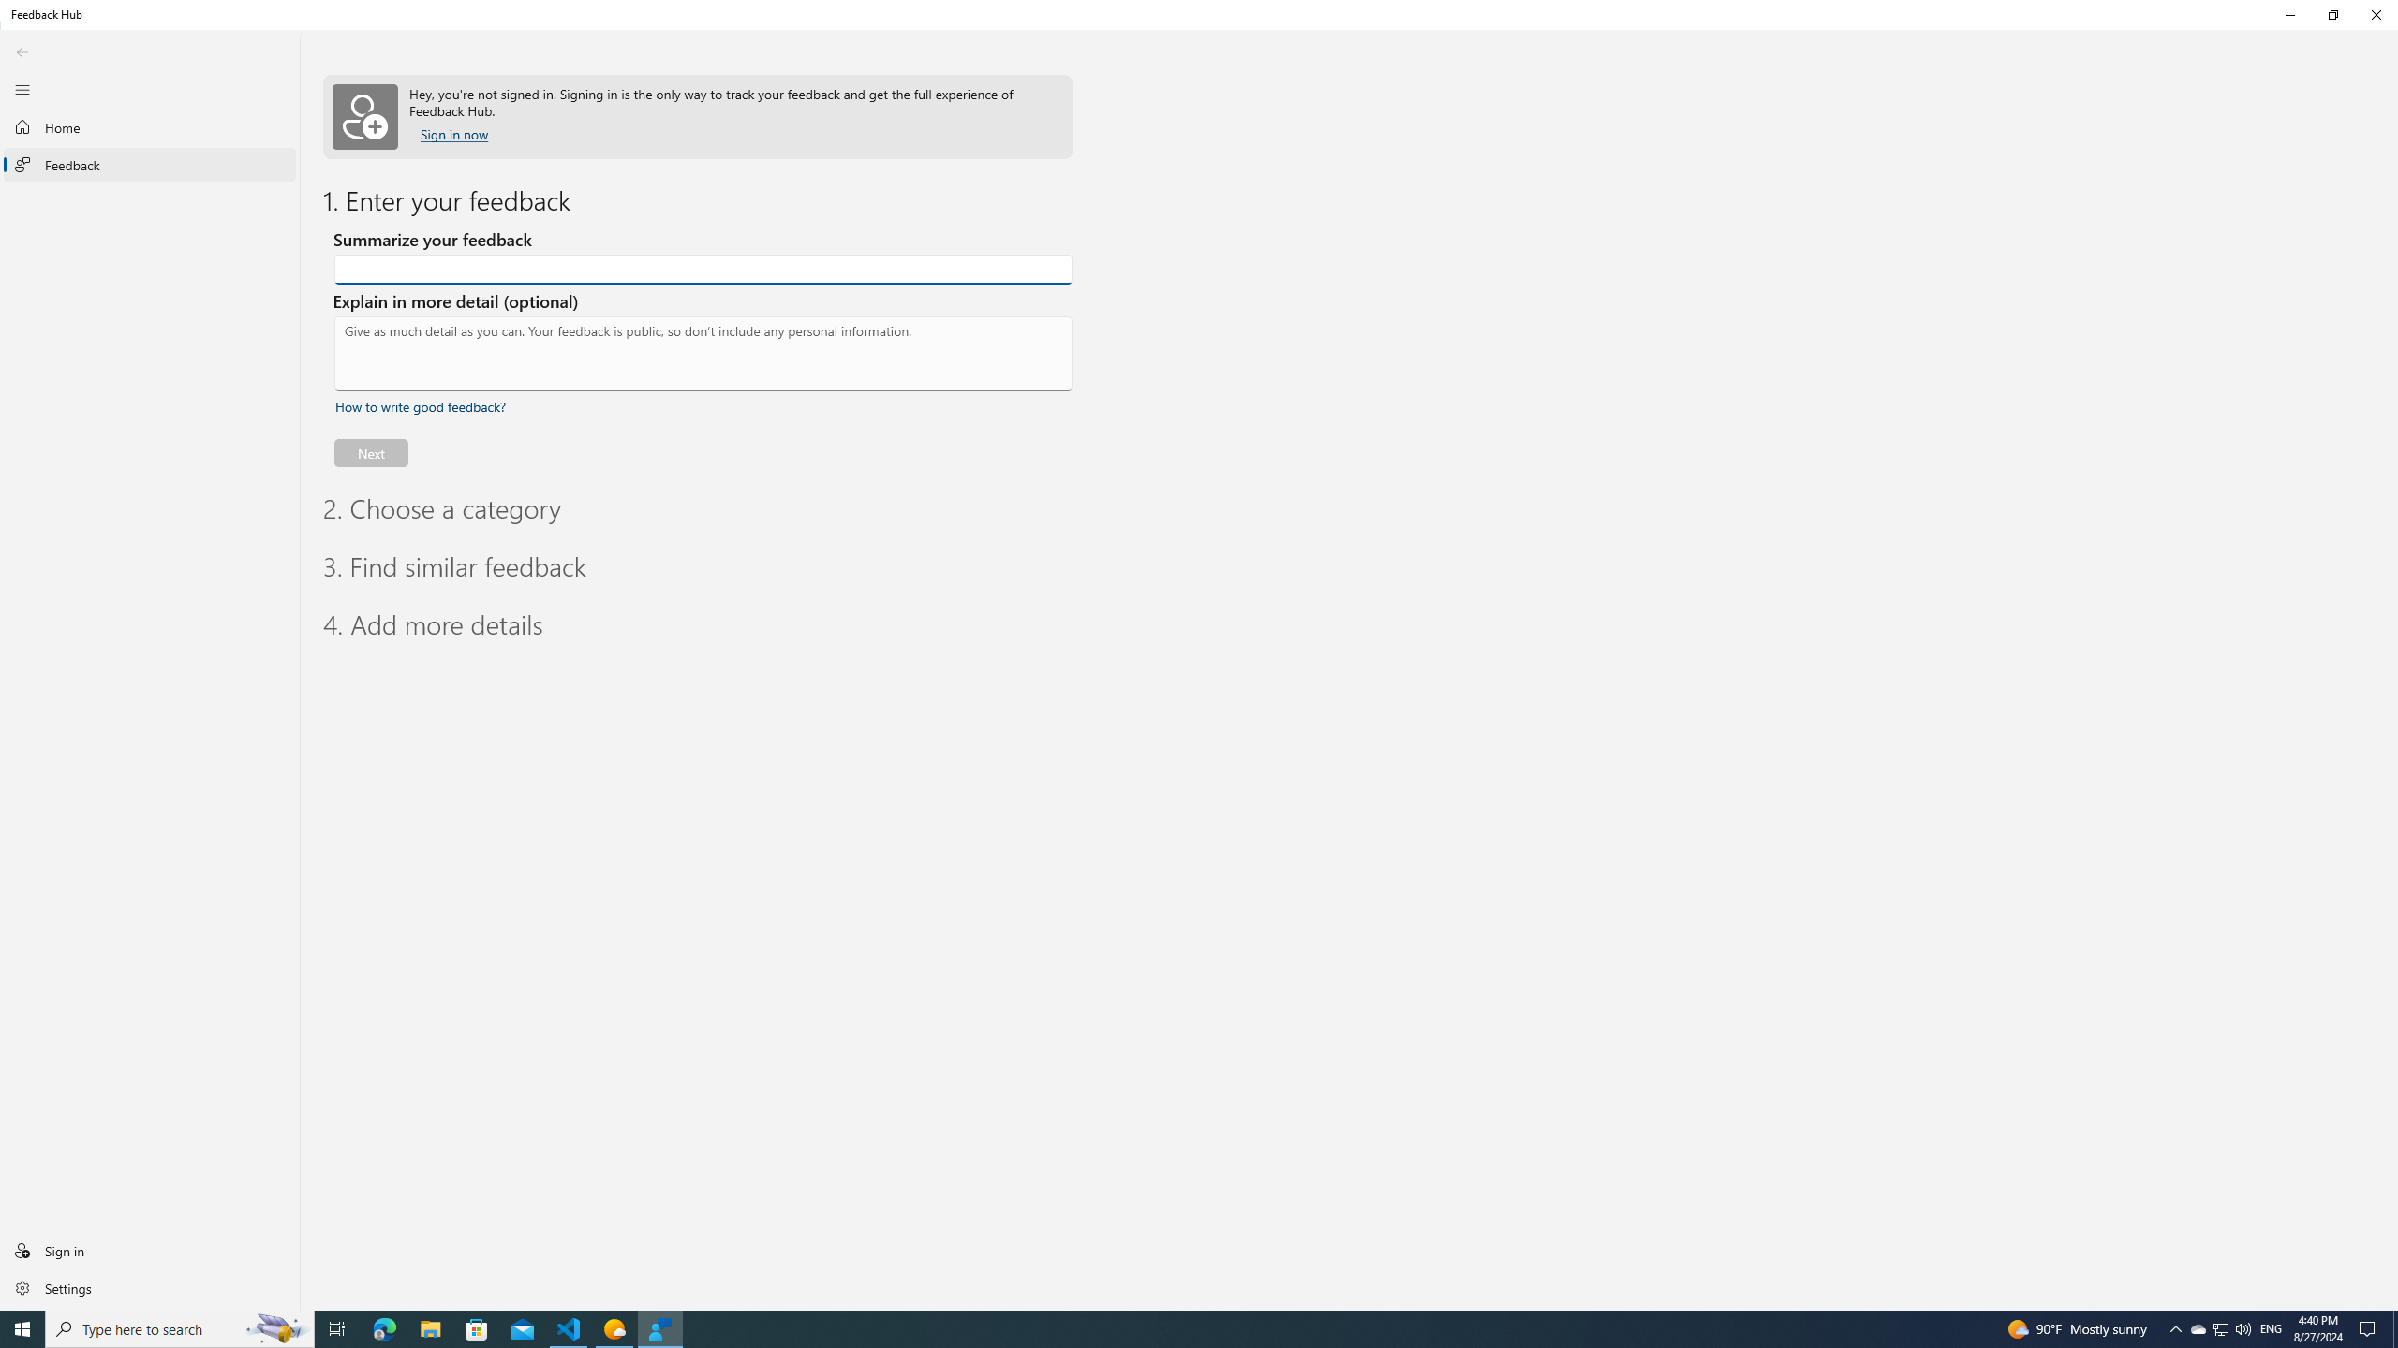  Describe the element at coordinates (420, 405) in the screenshot. I see `'How to write good feedback? Expand or collapse for tips.'` at that location.